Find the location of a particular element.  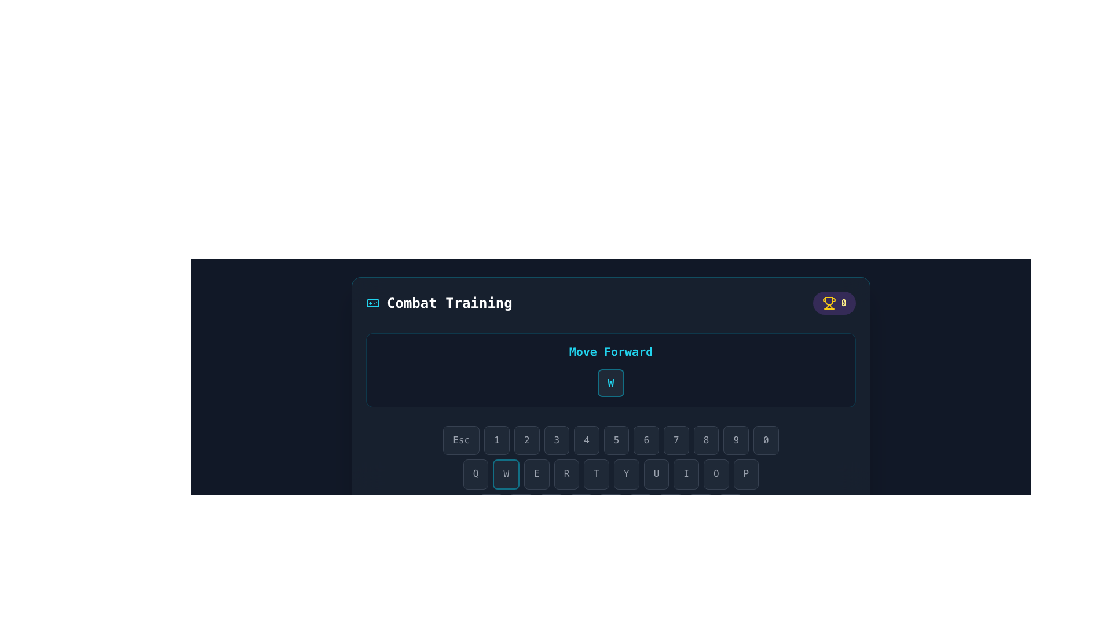

the rounded rectangle button labeled 'O' which has a dark gray background and light gray text, positioned as the ninth button in a horizontal row resembling a keyboard layout is located at coordinates (715, 475).